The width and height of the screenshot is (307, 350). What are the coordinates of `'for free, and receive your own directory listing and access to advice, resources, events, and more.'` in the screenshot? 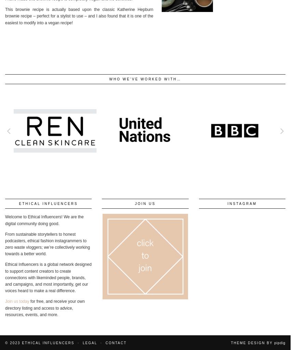 It's located at (44, 308).